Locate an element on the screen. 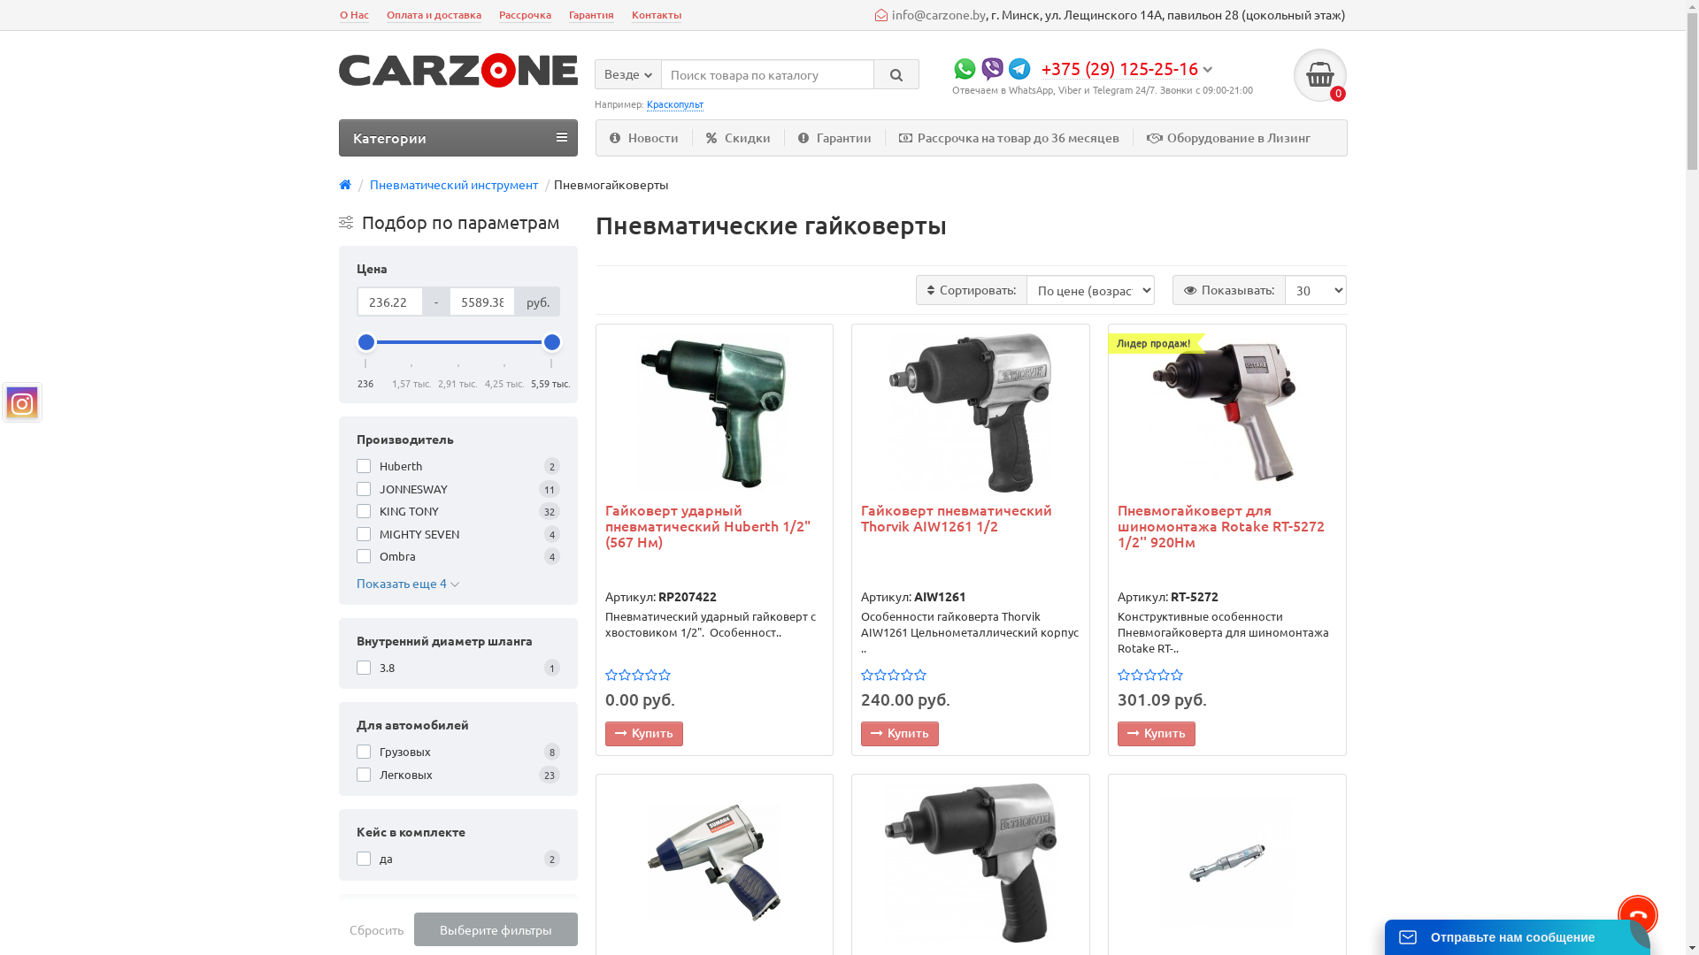 The height and width of the screenshot is (955, 1699). '3.8 is located at coordinates (457, 666).